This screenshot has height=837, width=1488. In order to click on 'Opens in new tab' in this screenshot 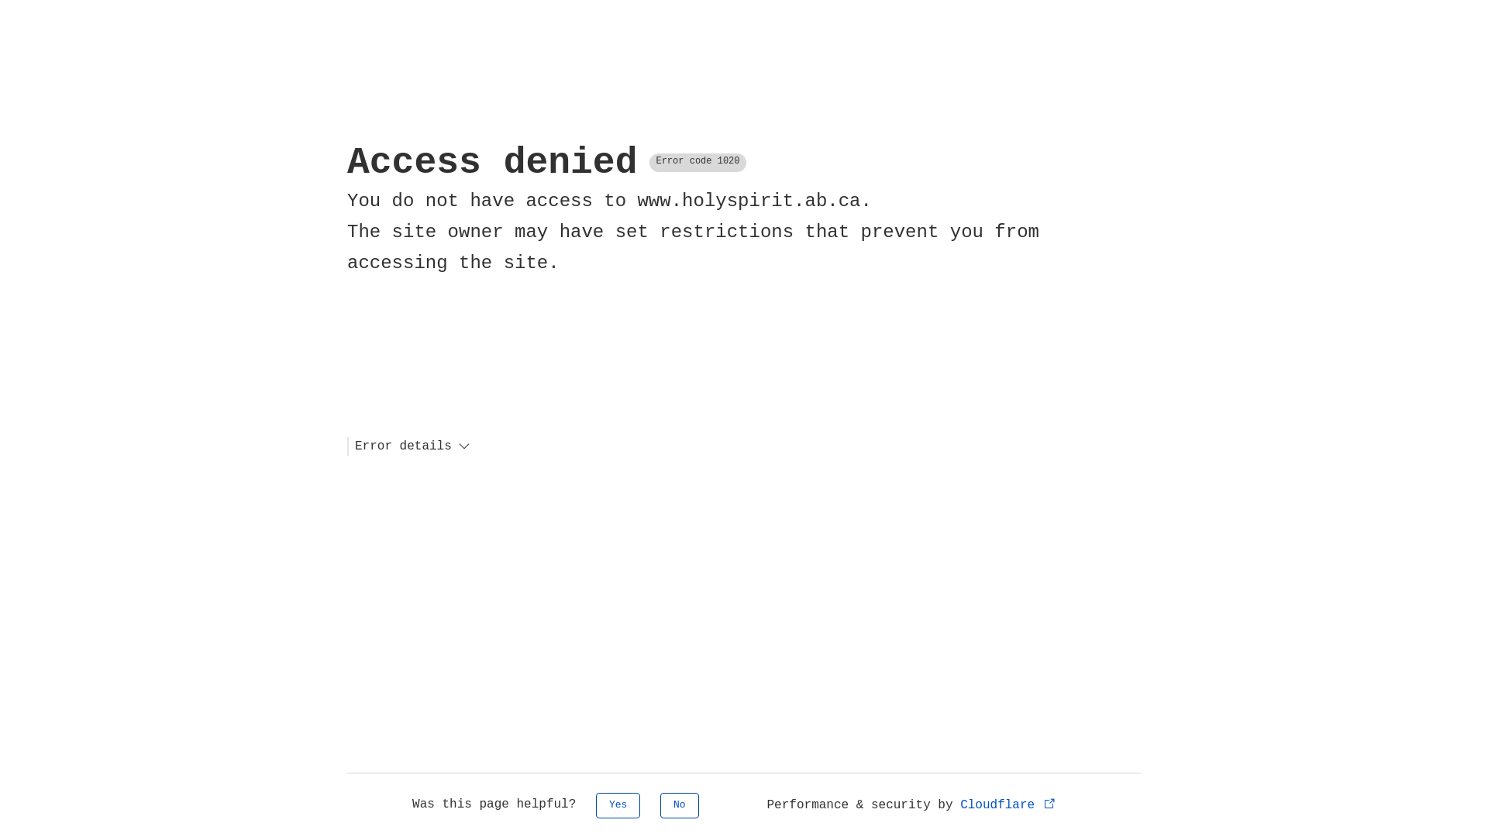, I will do `click(1049, 802)`.